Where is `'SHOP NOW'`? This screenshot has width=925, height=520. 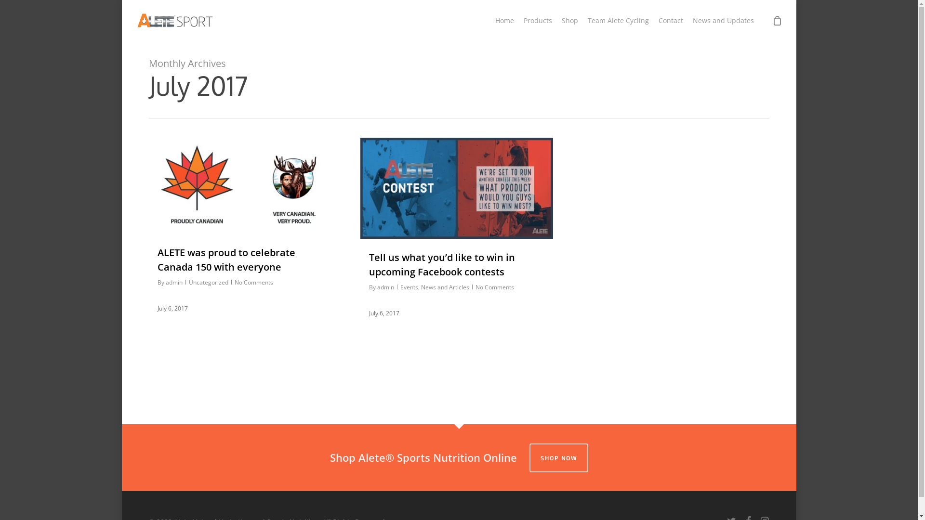 'SHOP NOW' is located at coordinates (558, 457).